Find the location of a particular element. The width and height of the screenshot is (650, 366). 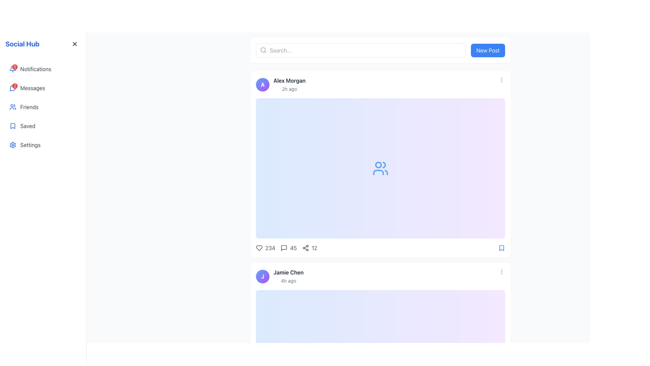

the comments icon located in the interaction bar below the post is located at coordinates (284, 248).